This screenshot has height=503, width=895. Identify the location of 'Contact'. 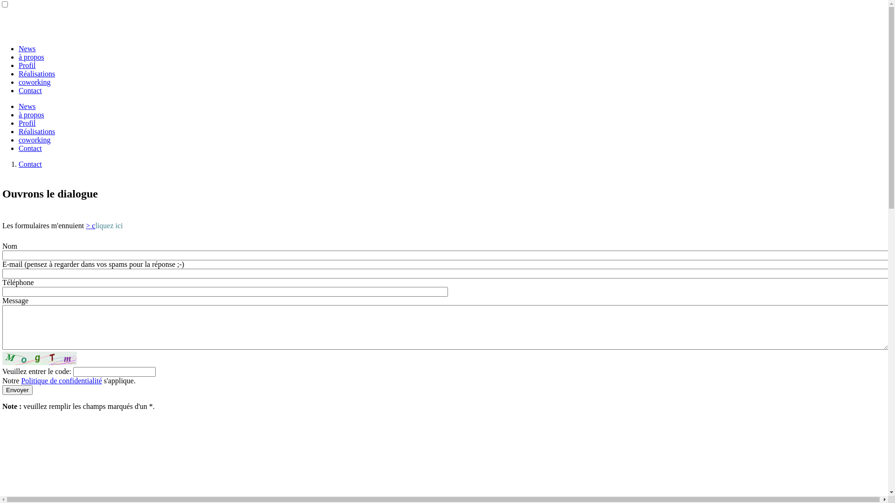
(18, 148).